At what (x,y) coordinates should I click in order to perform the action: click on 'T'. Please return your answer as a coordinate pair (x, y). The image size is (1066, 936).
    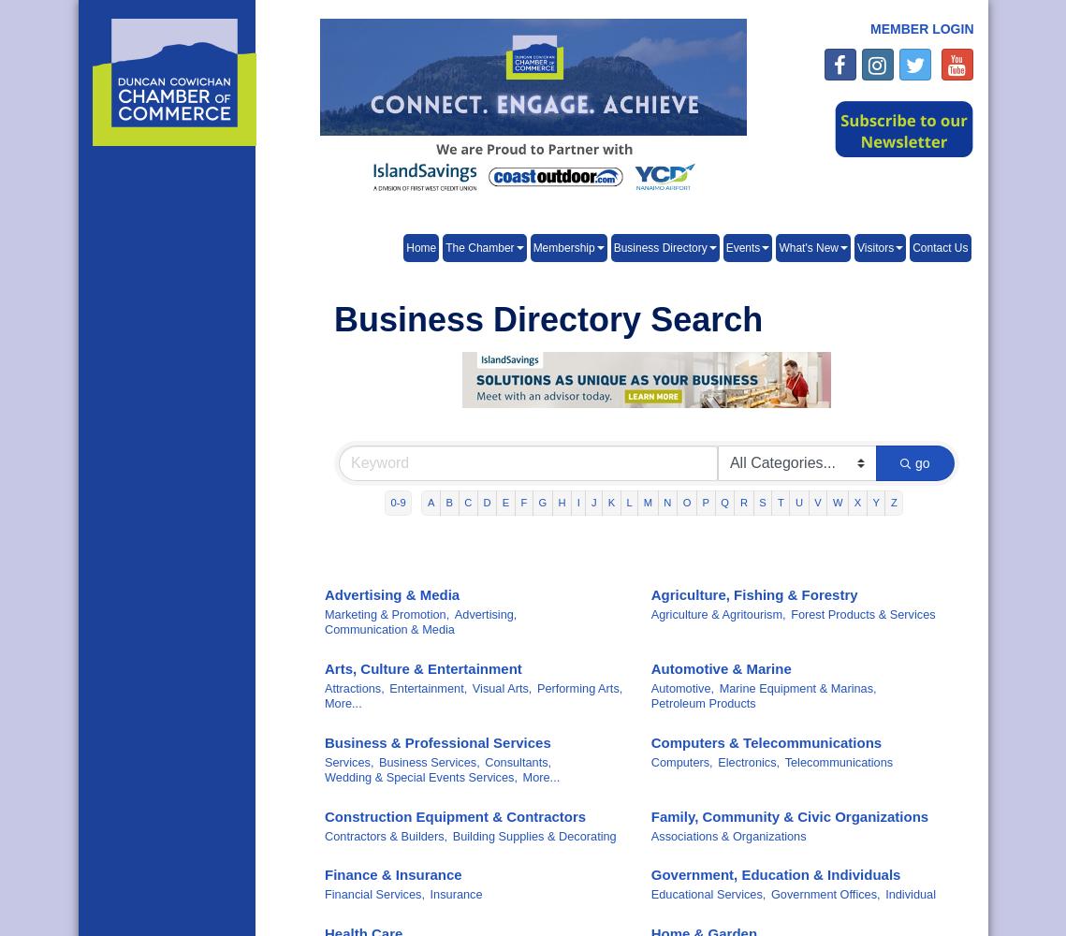
    Looking at the image, I should click on (779, 503).